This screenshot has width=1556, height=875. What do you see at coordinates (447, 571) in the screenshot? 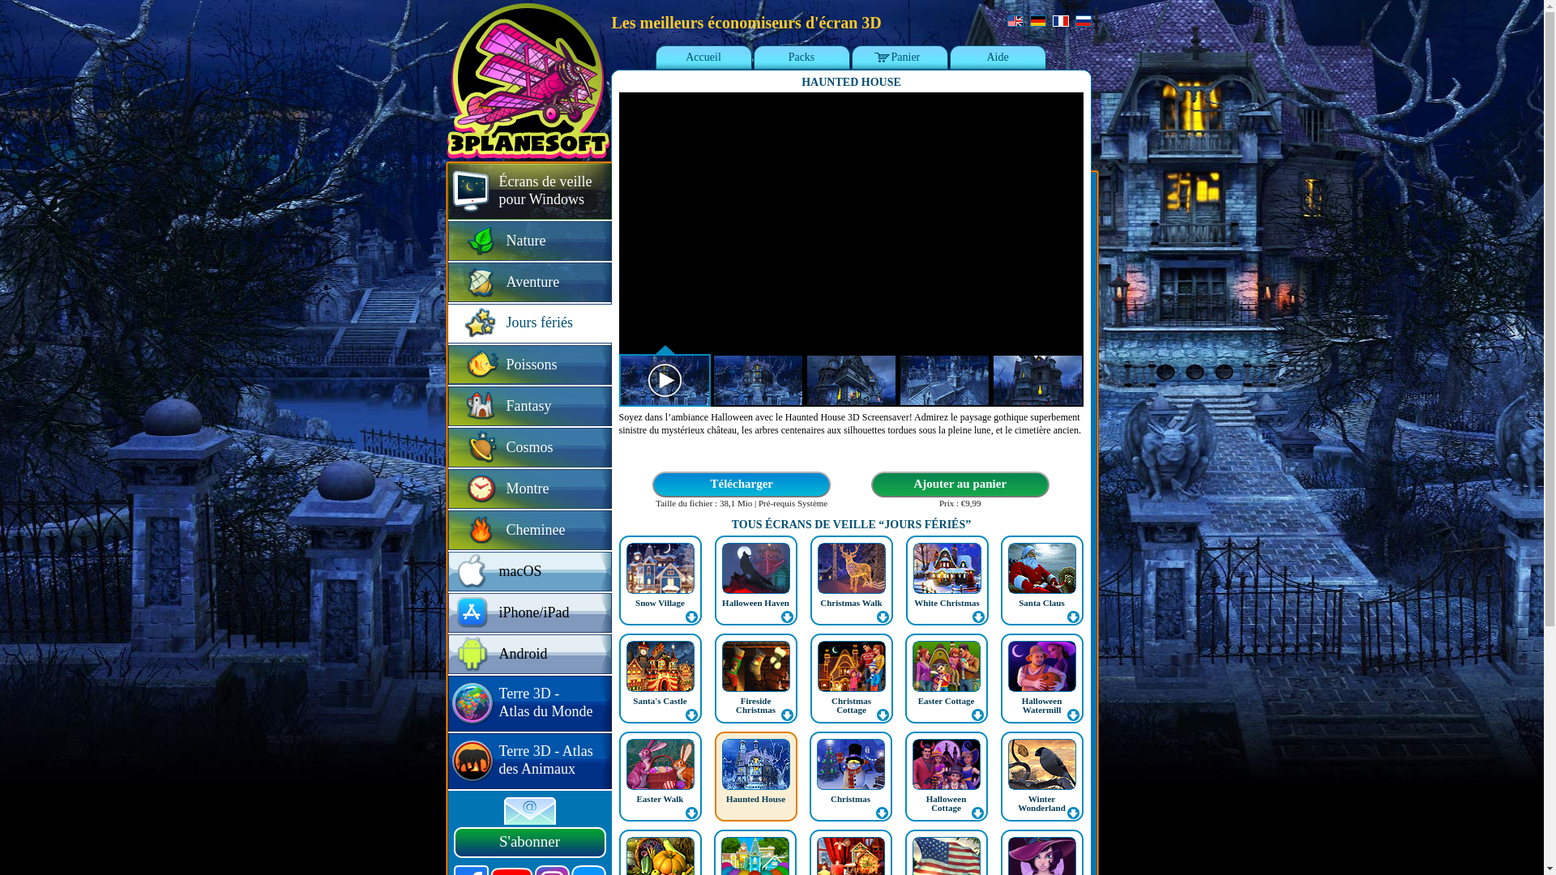
I see `'macOS'` at bounding box center [447, 571].